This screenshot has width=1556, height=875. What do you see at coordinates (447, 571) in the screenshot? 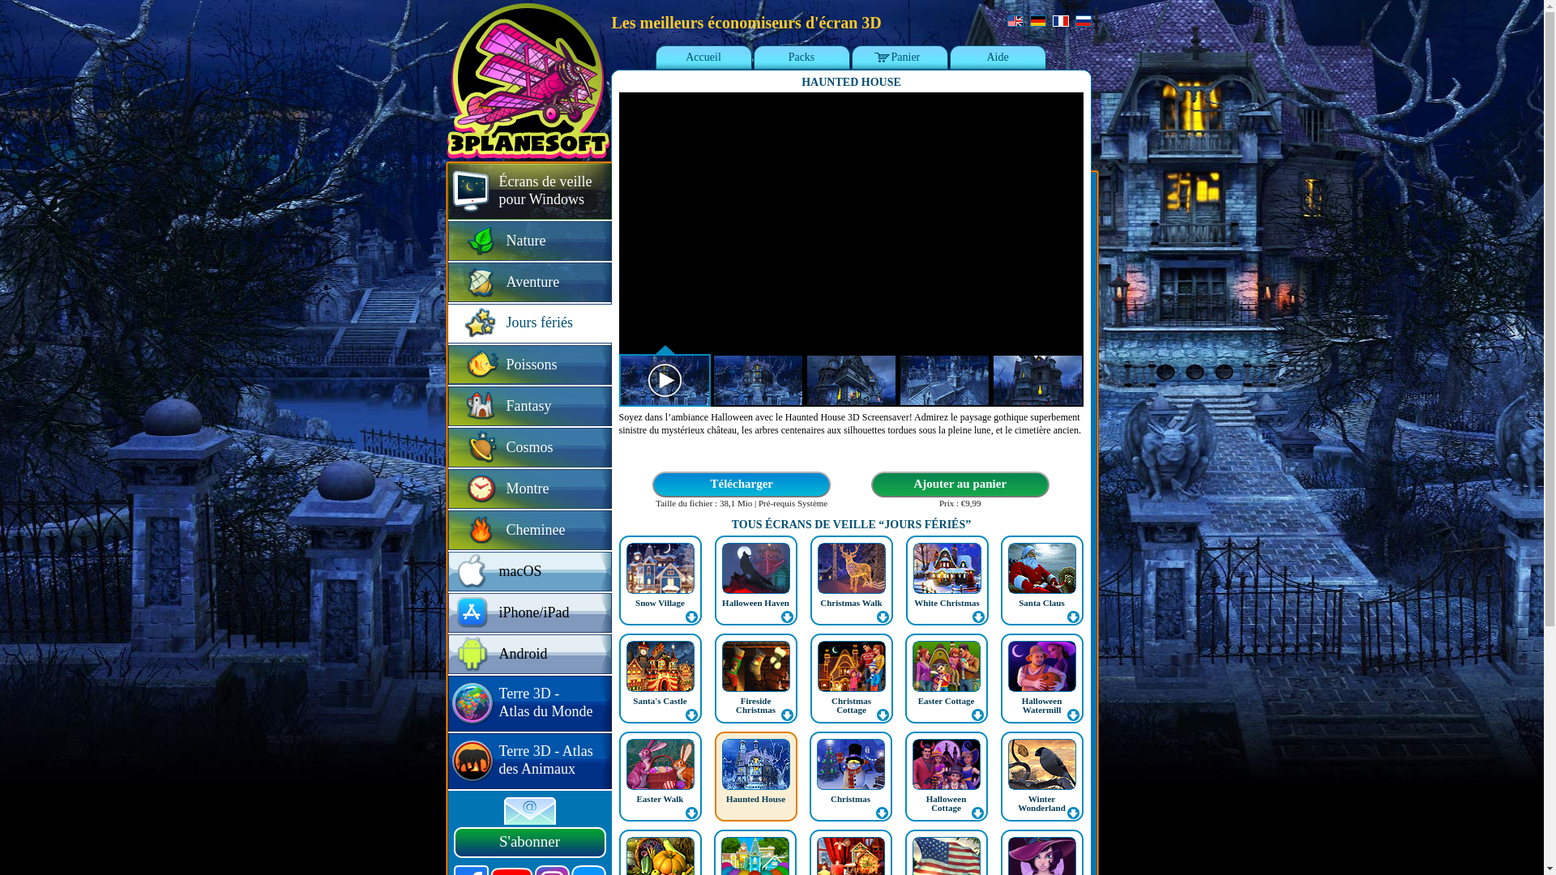
I see `'macOS'` at bounding box center [447, 571].